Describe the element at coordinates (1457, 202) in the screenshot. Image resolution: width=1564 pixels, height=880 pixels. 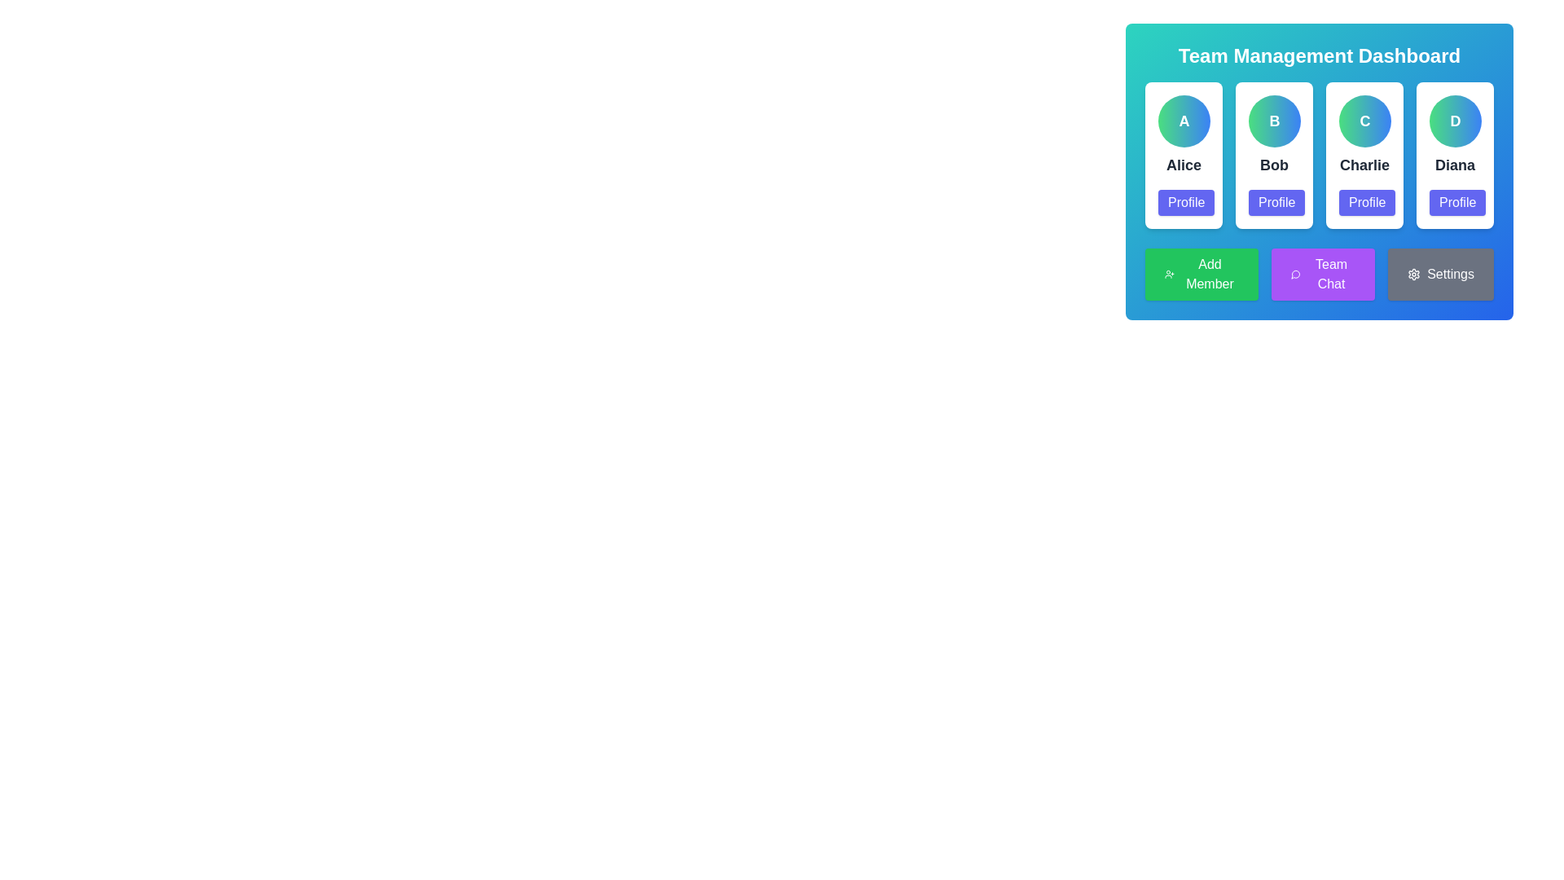
I see `the interactive button located in the 'Diana' section of the Team Management Dashboard` at that location.